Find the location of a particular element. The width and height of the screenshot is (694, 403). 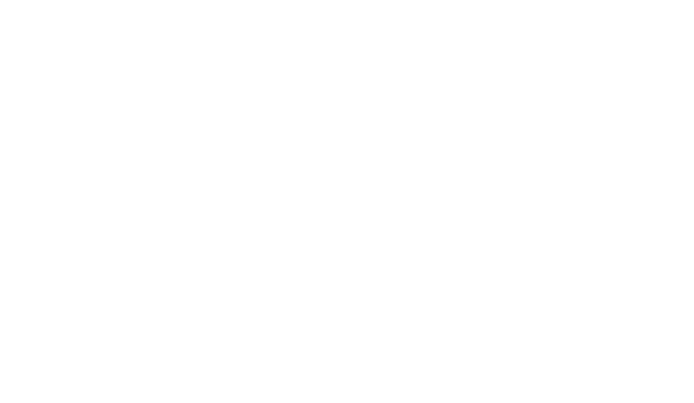

'Connemara' is located at coordinates (346, 57).